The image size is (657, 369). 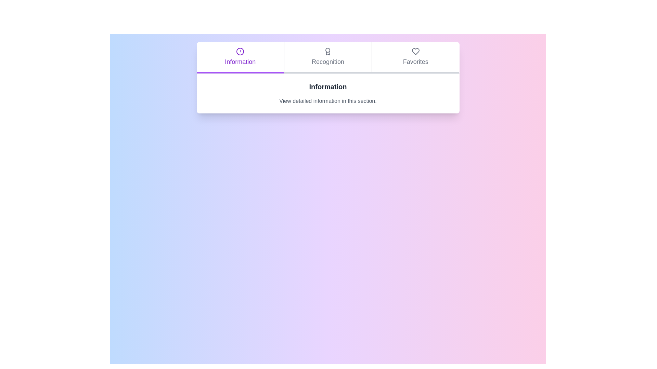 I want to click on the Information tab to observe the hover effect, so click(x=240, y=57).